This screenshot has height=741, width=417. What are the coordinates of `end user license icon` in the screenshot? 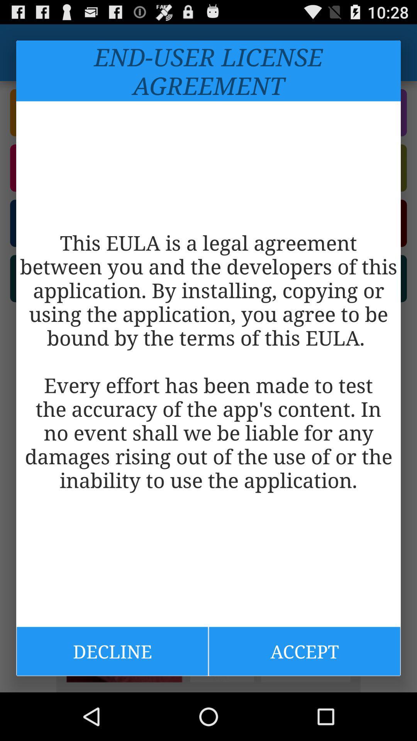 It's located at (208, 71).